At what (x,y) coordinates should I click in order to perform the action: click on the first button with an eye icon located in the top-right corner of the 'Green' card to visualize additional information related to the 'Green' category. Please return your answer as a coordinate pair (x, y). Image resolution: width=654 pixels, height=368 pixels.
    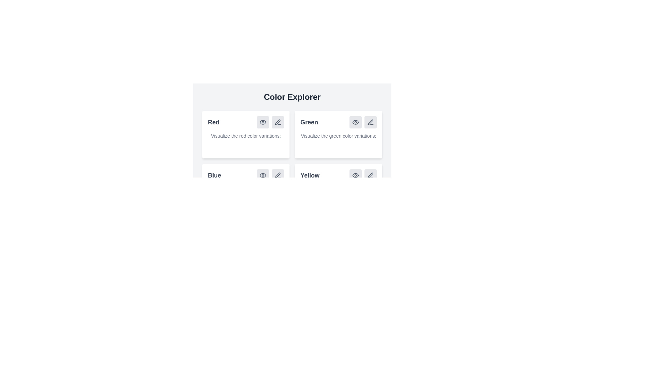
    Looking at the image, I should click on (355, 122).